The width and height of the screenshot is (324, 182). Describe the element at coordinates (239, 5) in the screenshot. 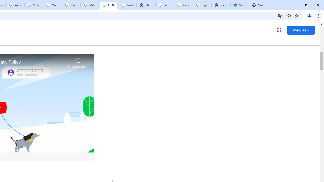

I see `'Settings - Addresses and more'` at that location.